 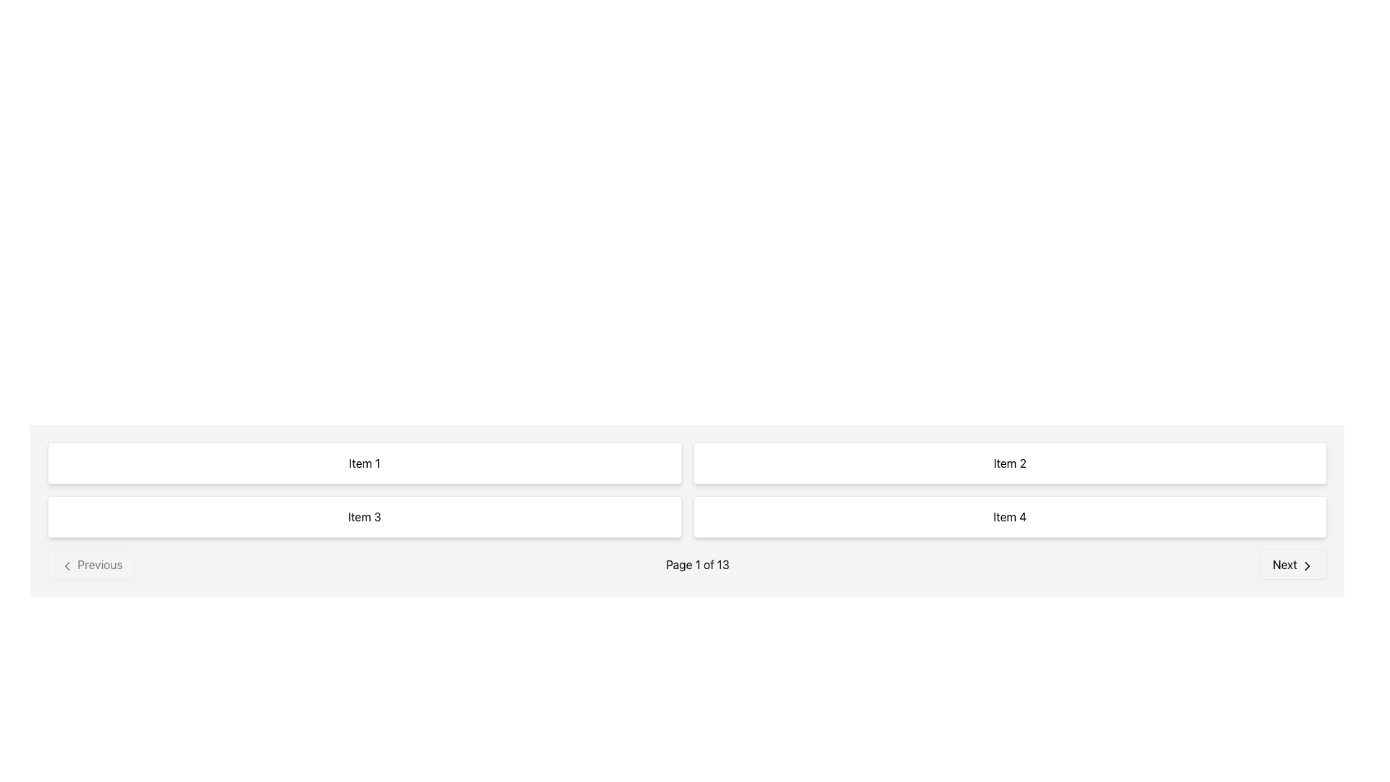 I want to click on the Chevron Left Icon located to the left of the 'Previous' button to activate its function, so click(x=66, y=564).